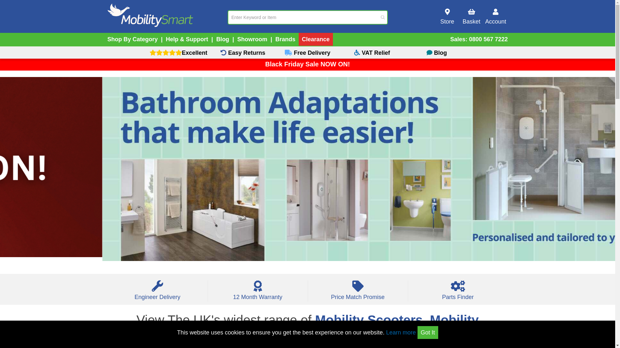 Image resolution: width=620 pixels, height=348 pixels. What do you see at coordinates (307, 64) in the screenshot?
I see `'Black Friday Sale NOW ON!'` at bounding box center [307, 64].